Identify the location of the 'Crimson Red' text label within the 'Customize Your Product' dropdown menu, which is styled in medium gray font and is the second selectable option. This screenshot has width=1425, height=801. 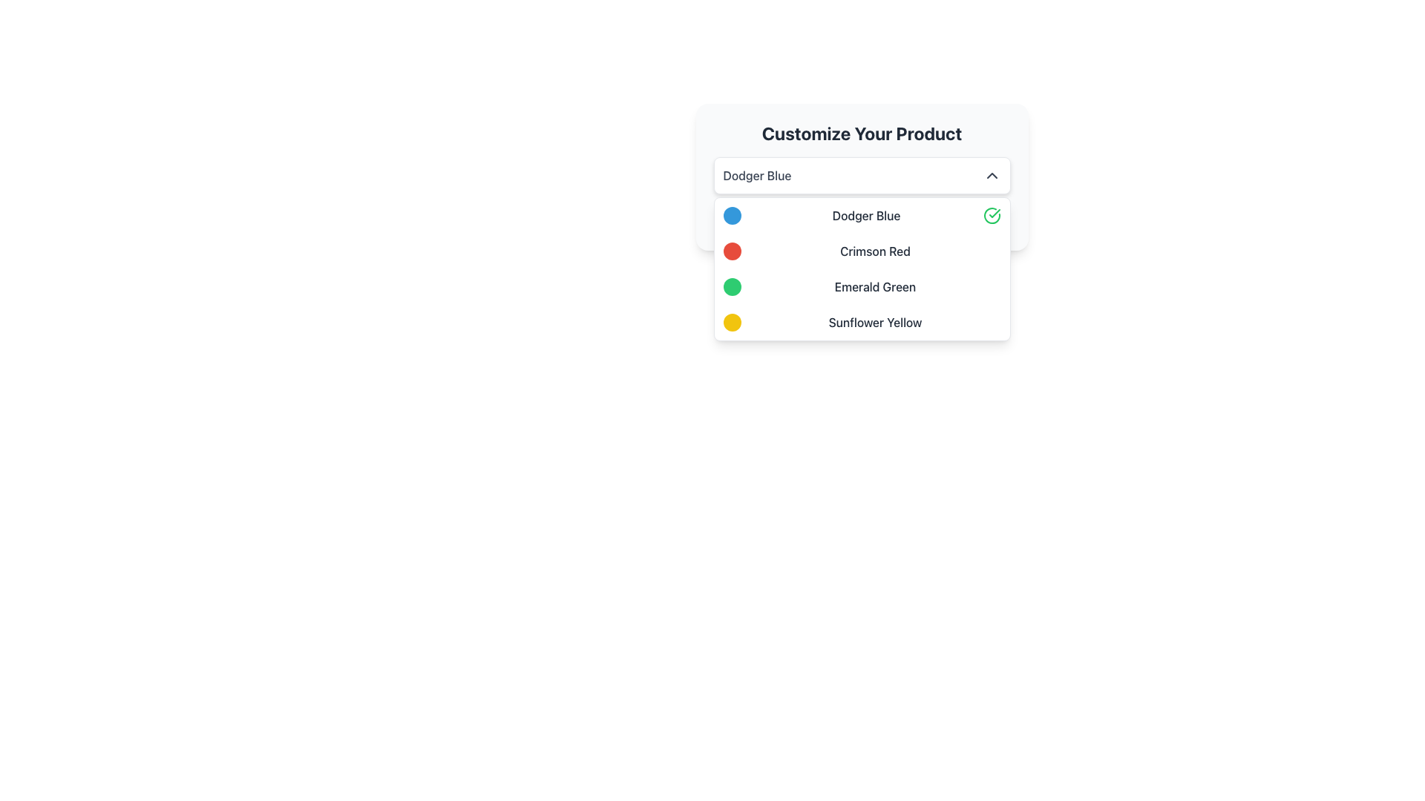
(875, 251).